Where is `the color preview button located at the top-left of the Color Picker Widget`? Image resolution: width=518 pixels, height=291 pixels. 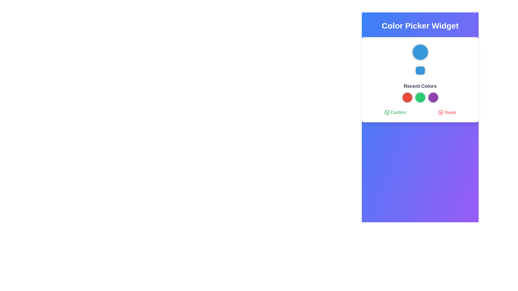
the color preview button located at the top-left of the Color Picker Widget is located at coordinates (420, 52).